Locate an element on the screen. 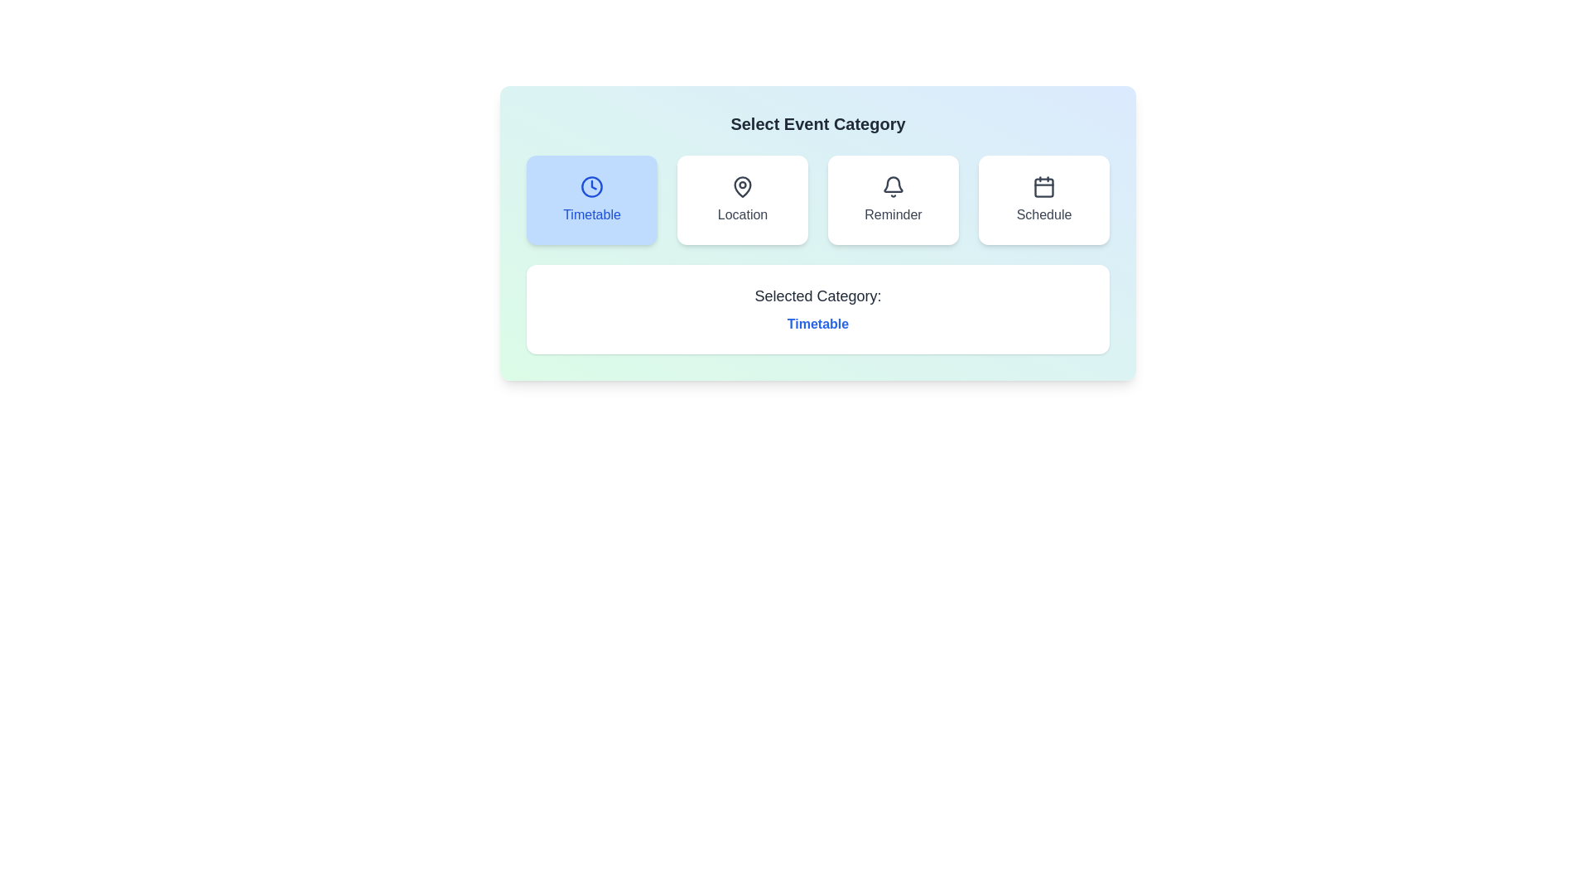 The width and height of the screenshot is (1590, 894). the button labeled Reminder to observe its hover effect is located at coordinates (893, 199).